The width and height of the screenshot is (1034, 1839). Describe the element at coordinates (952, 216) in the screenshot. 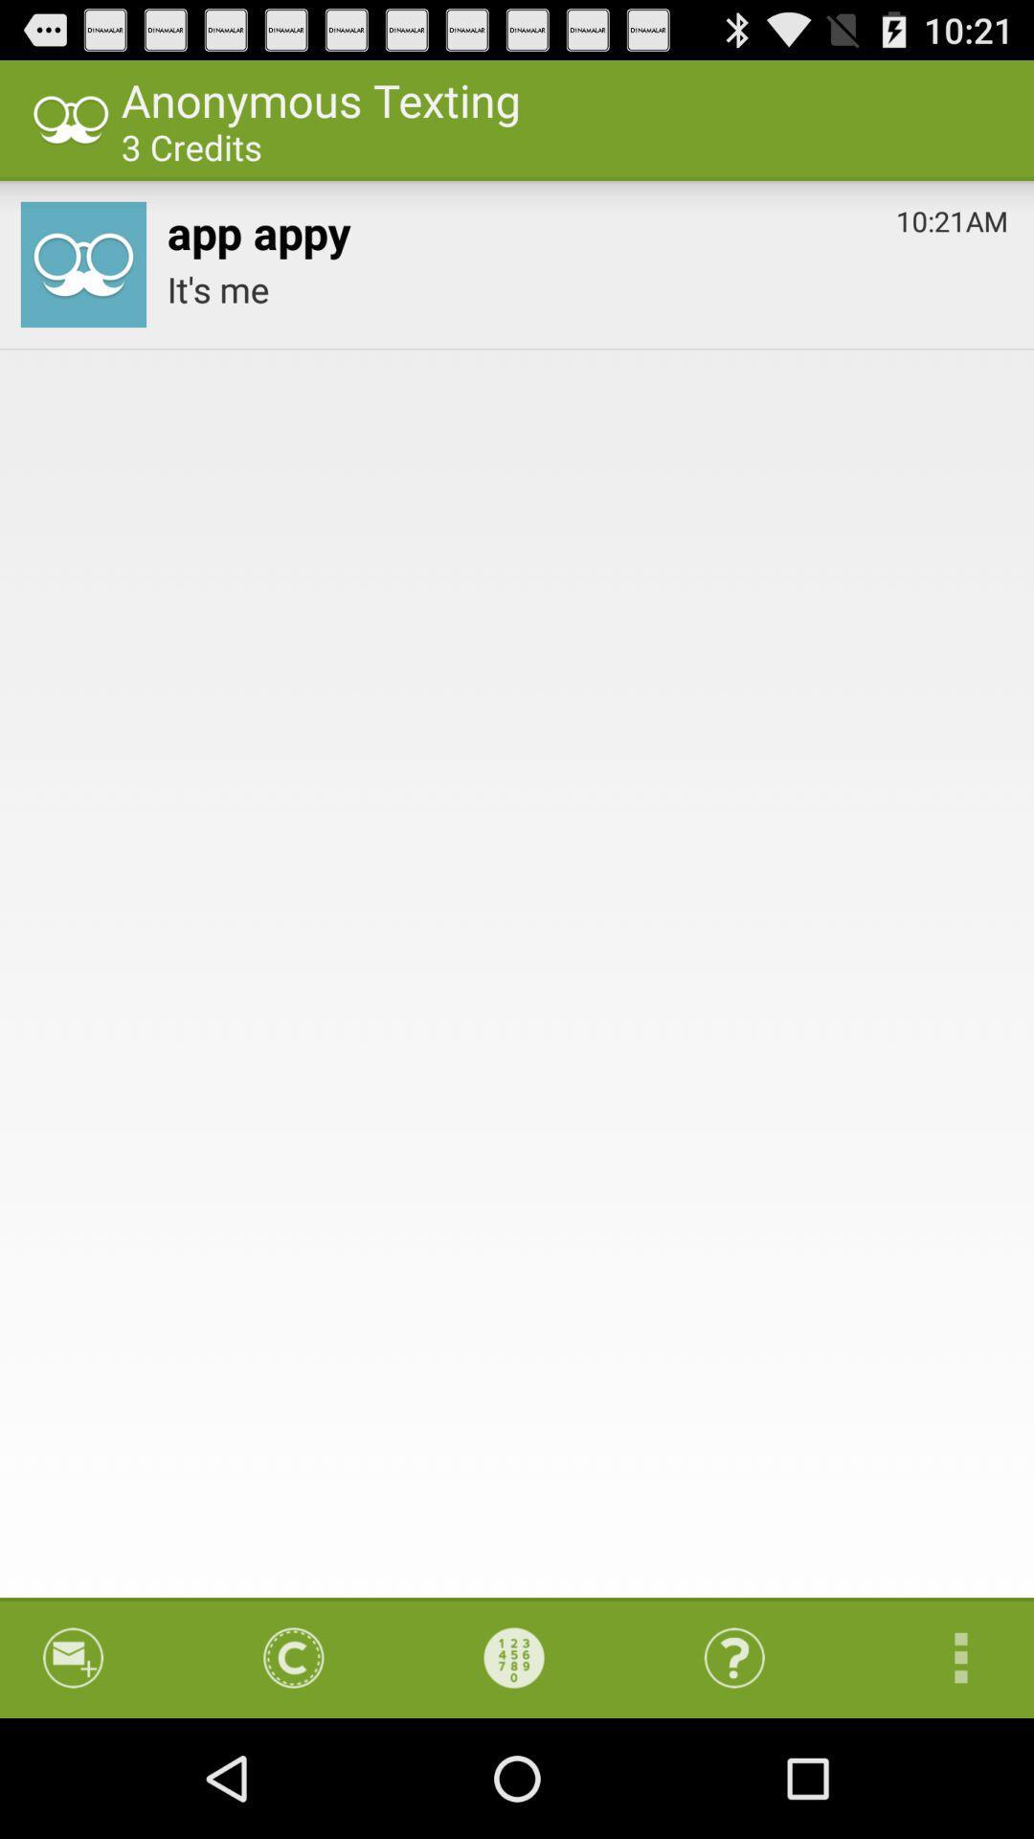

I see `app to the right of the app appy` at that location.